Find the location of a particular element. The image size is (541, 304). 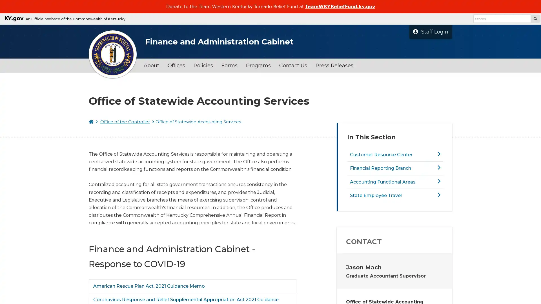

Search is located at coordinates (535, 18).